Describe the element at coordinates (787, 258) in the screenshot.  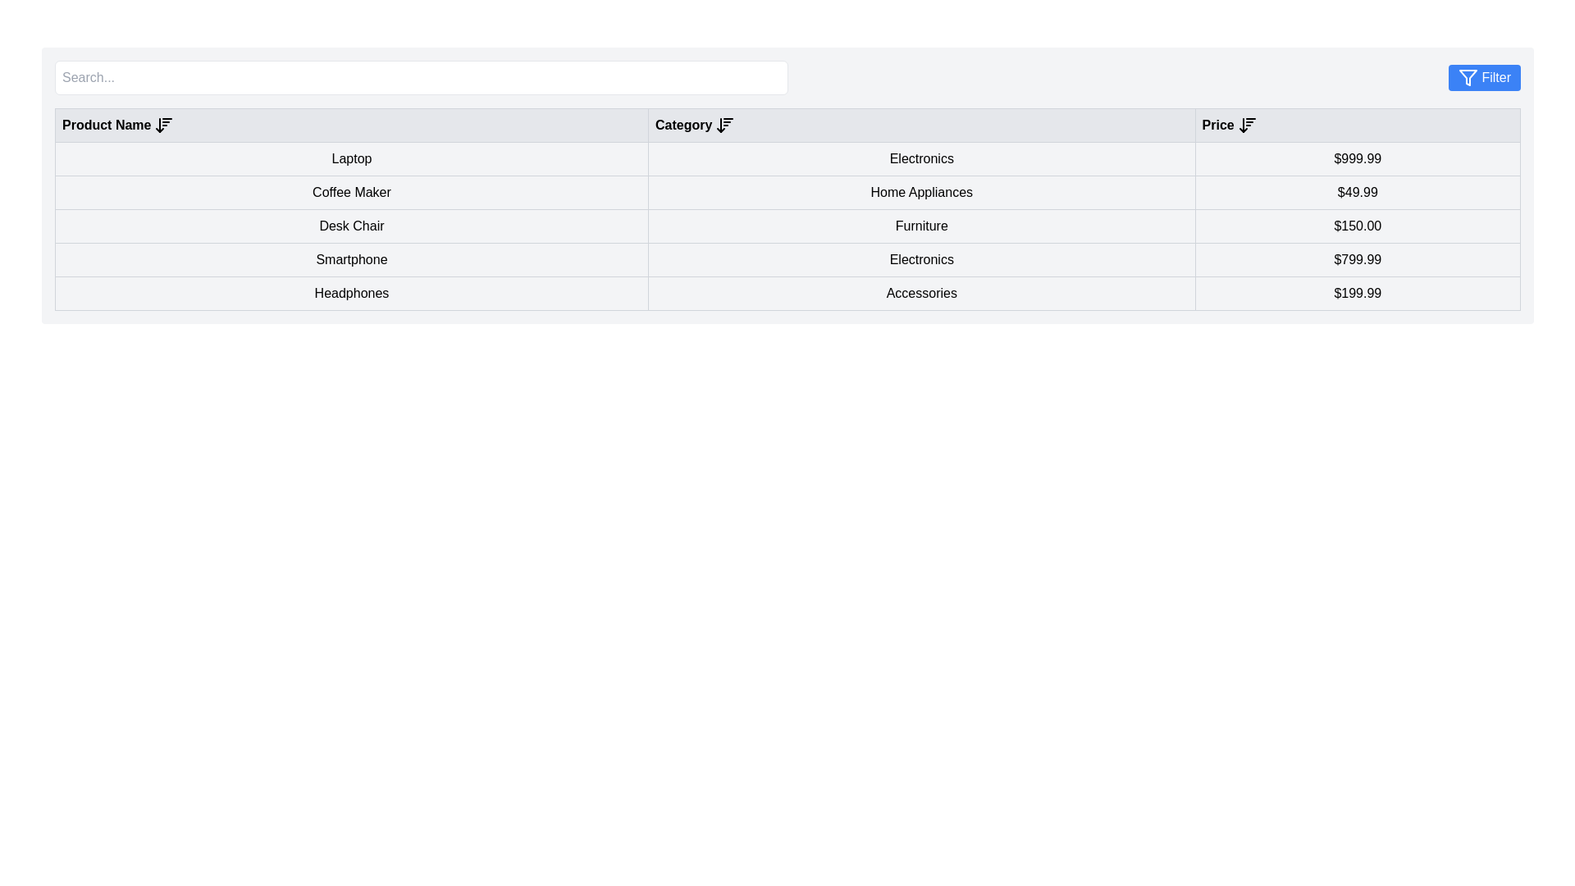
I see `the fourth row of the table displaying the product 'Smartphone' with category 'Electronics' and price '$799.99'` at that location.